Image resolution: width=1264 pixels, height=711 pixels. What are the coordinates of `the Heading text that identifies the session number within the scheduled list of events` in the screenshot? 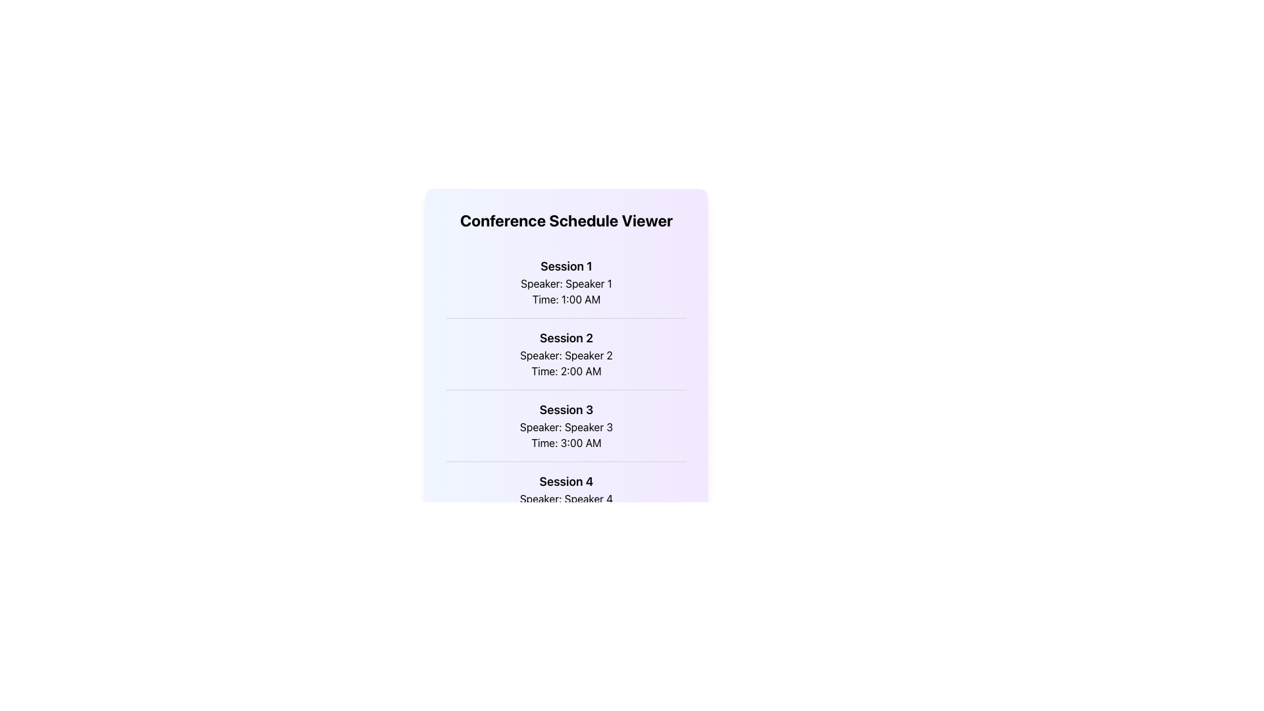 It's located at (566, 337).